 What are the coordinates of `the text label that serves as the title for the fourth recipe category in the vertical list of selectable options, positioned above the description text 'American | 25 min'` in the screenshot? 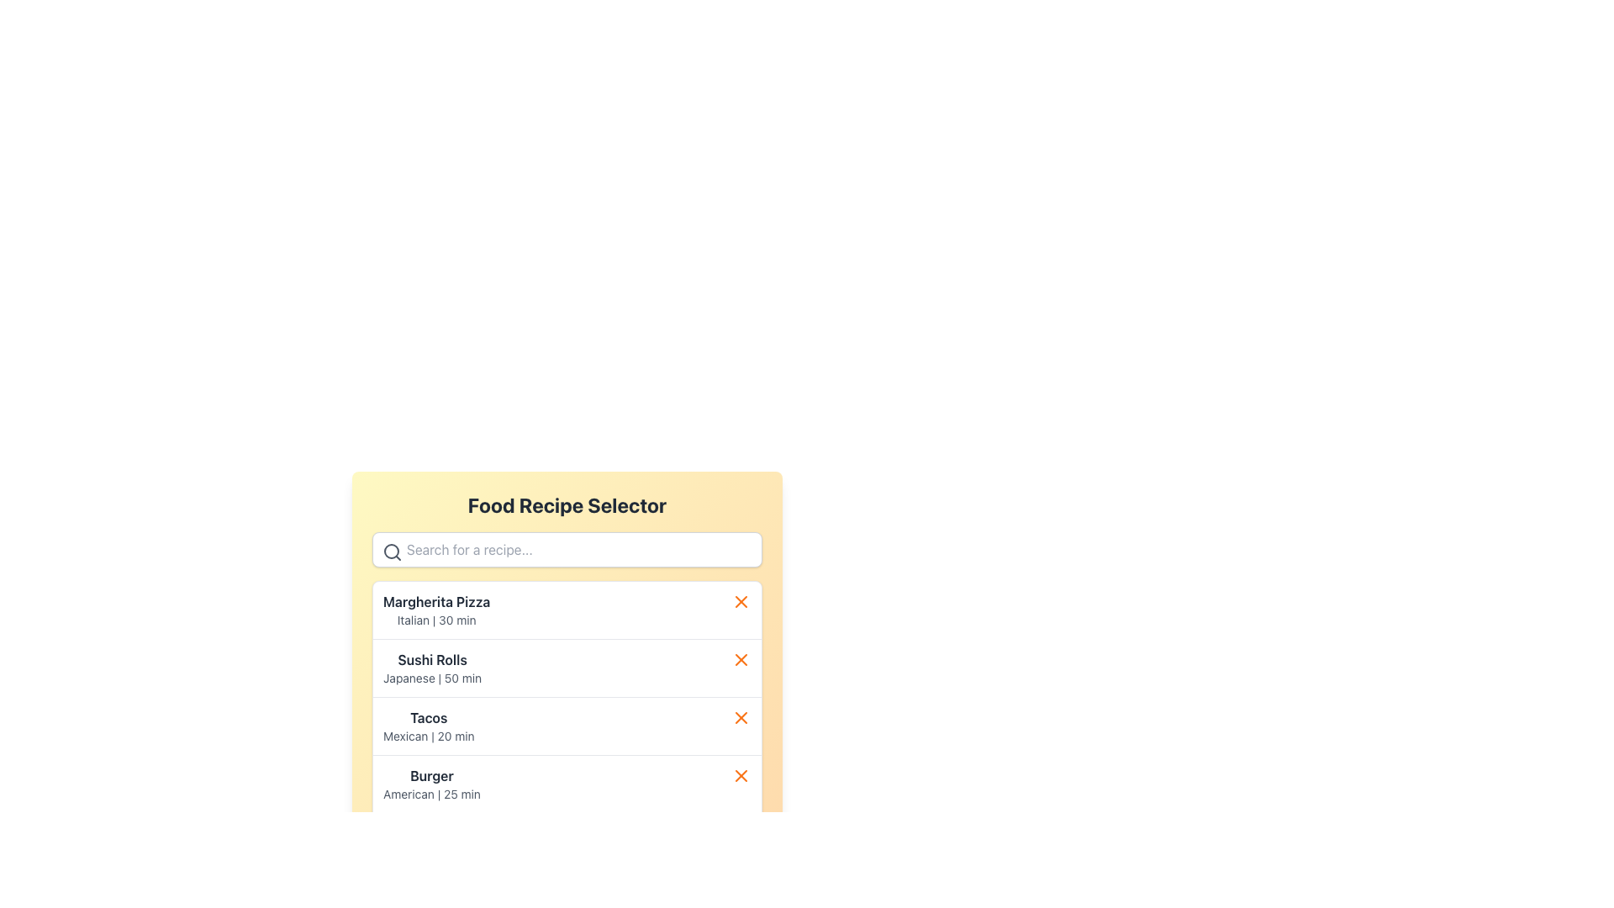 It's located at (431, 775).